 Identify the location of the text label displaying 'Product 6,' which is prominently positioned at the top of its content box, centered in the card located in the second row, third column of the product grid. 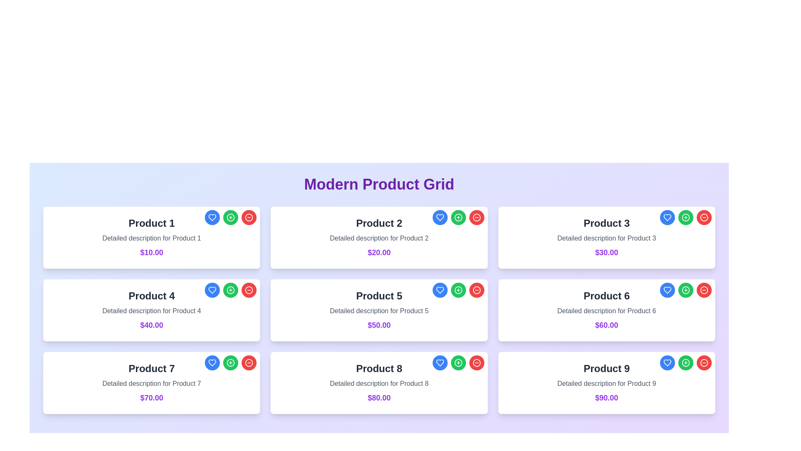
(607, 296).